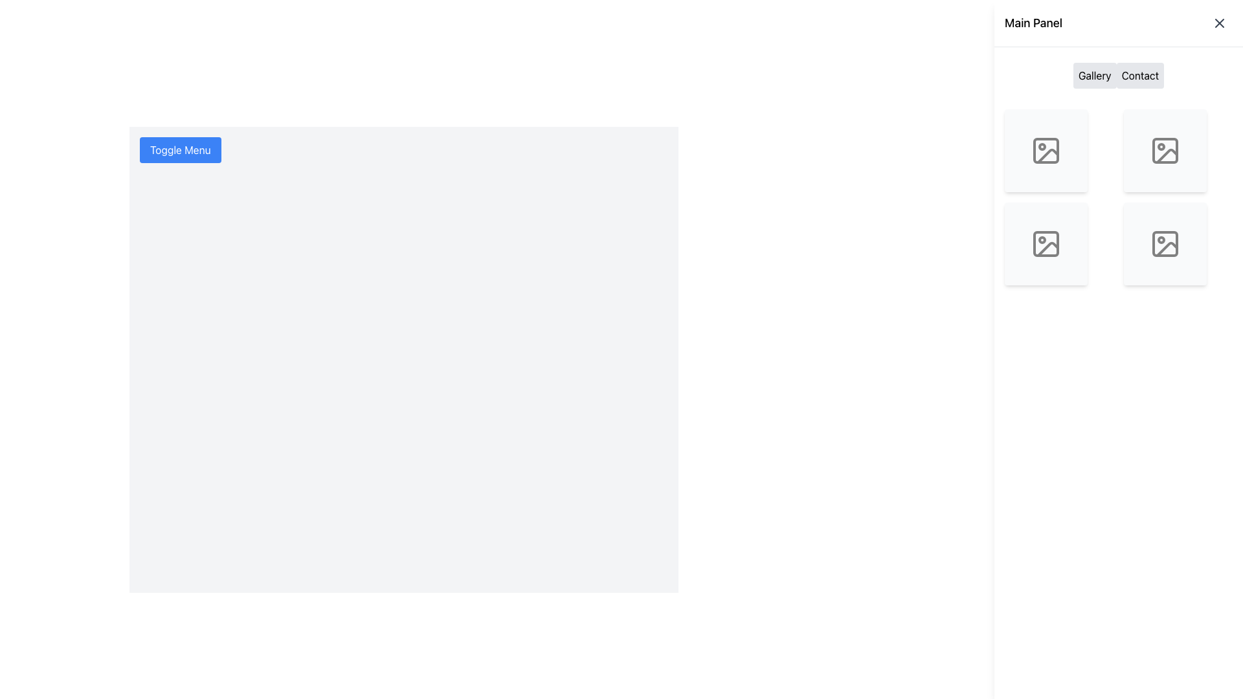  I want to click on the 'Main Panel' text label styled in bold font located at the top right corner of the header bar, so click(1033, 23).